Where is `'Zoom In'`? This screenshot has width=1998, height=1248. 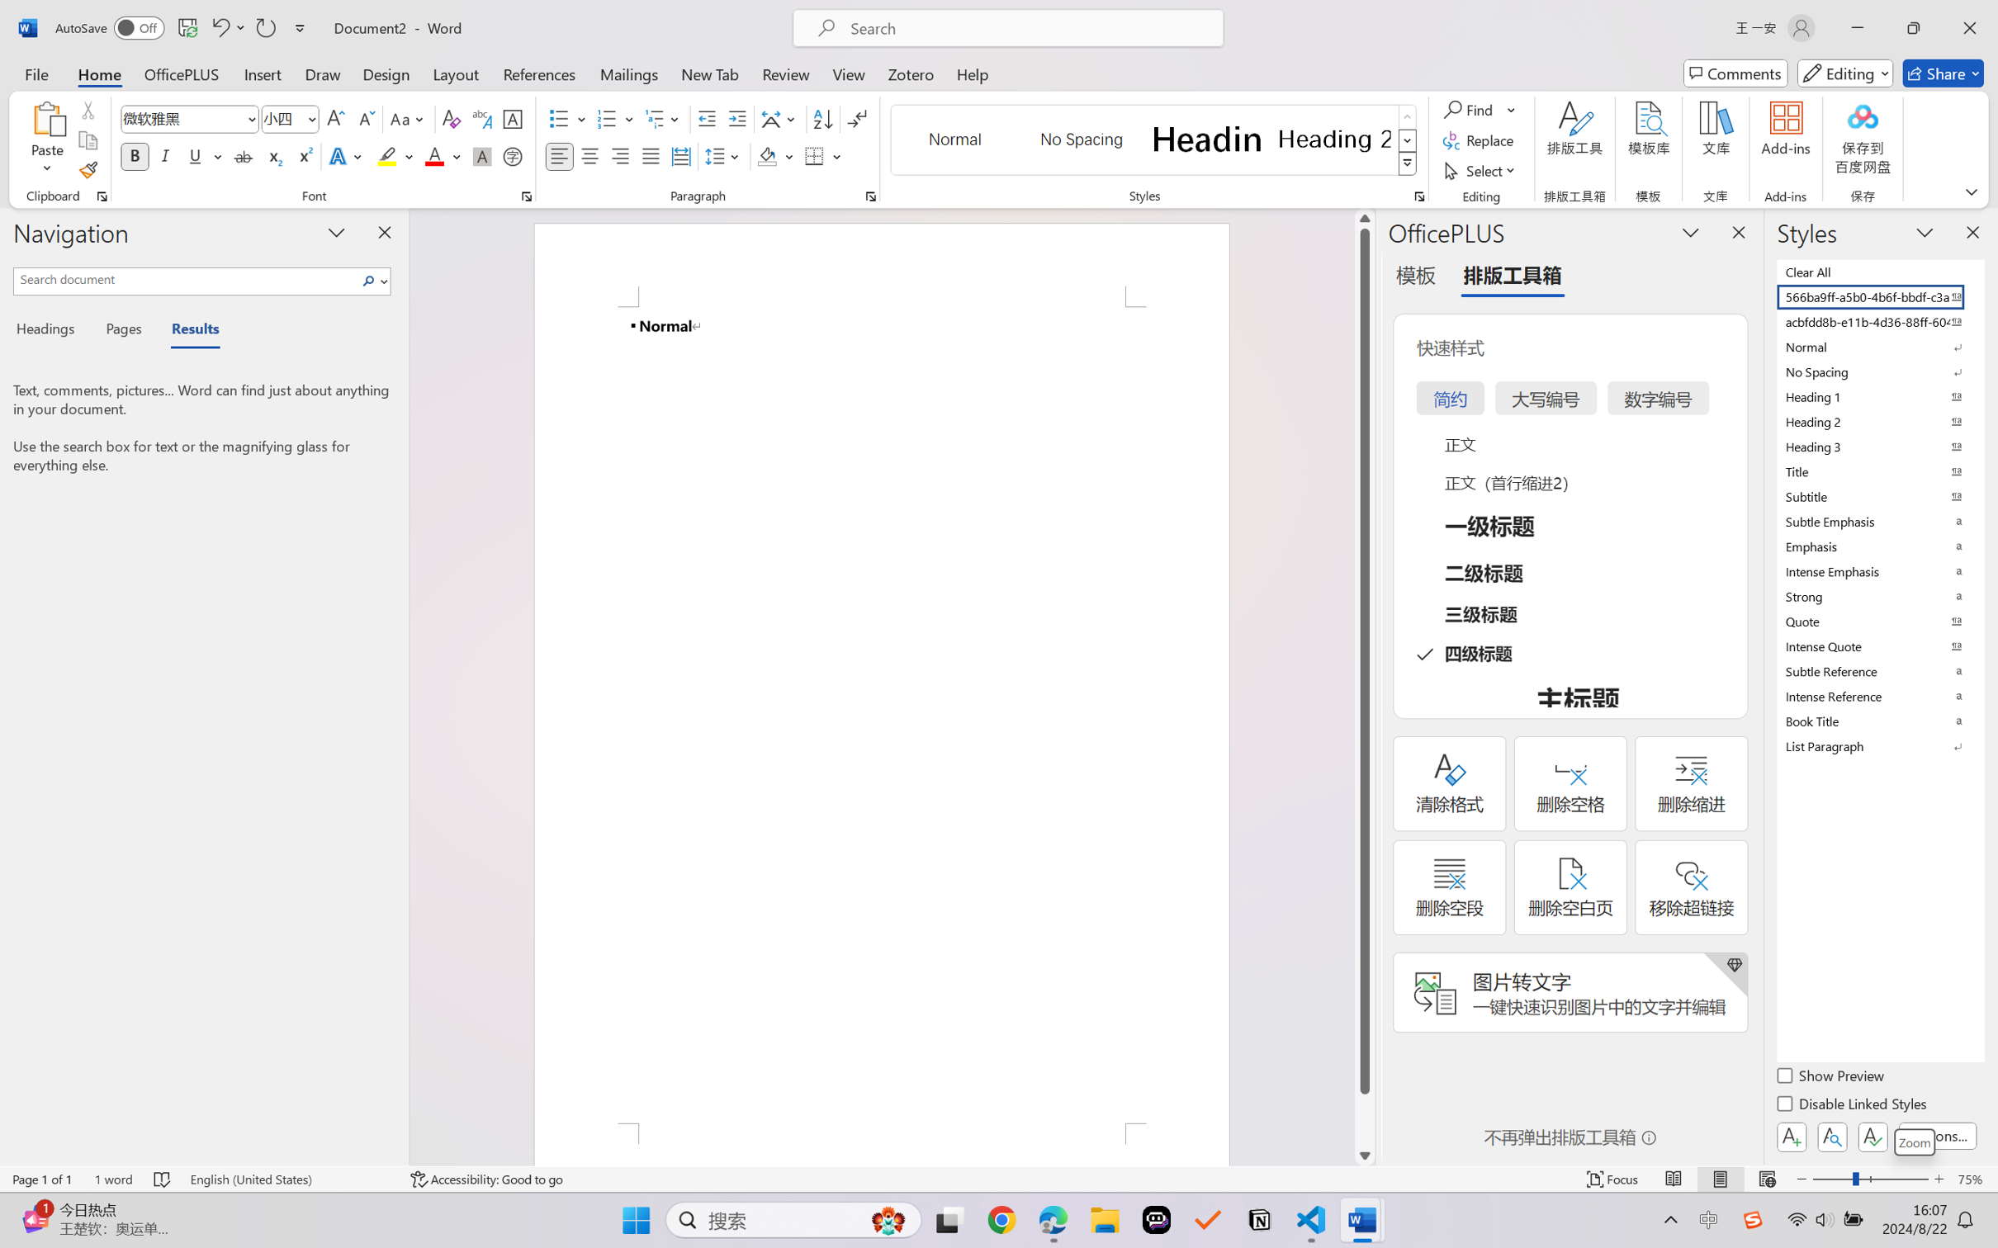 'Zoom In' is located at coordinates (1939, 1179).